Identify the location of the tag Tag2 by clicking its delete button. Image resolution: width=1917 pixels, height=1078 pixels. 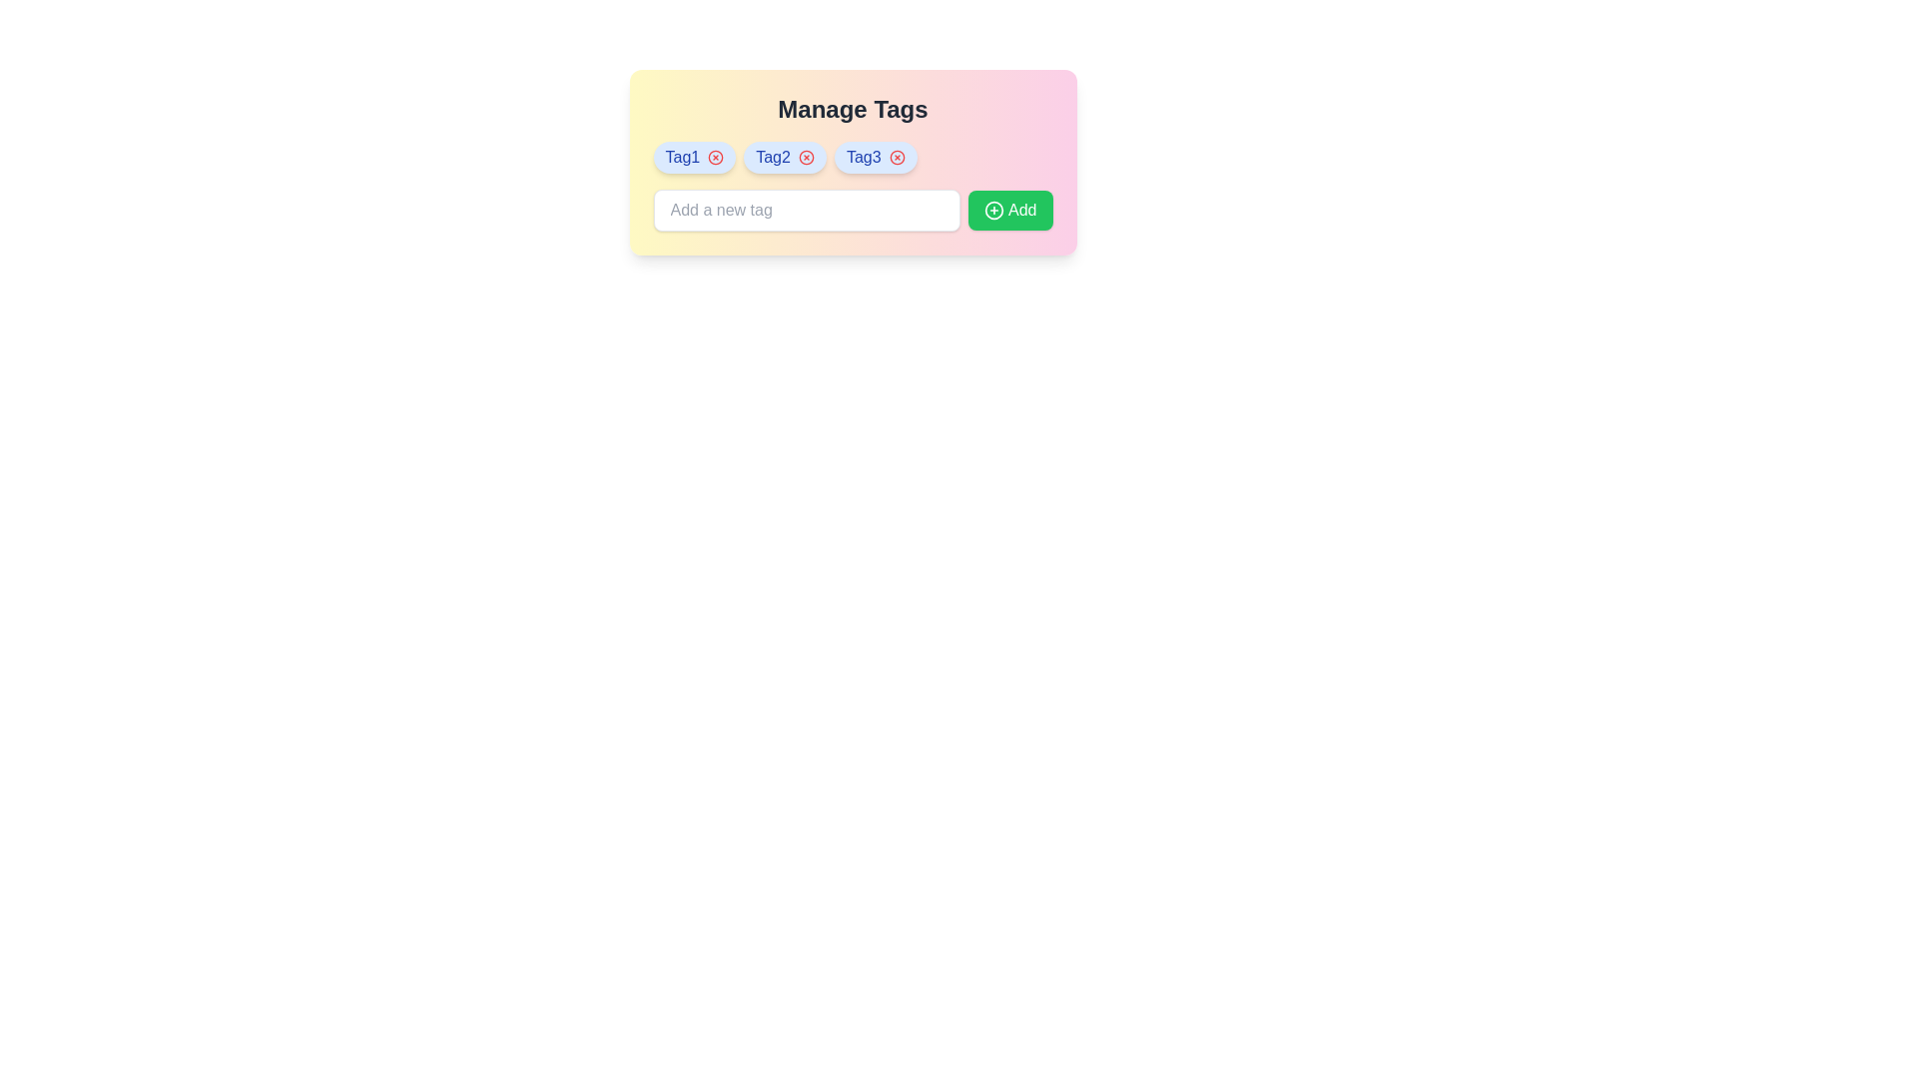
(806, 157).